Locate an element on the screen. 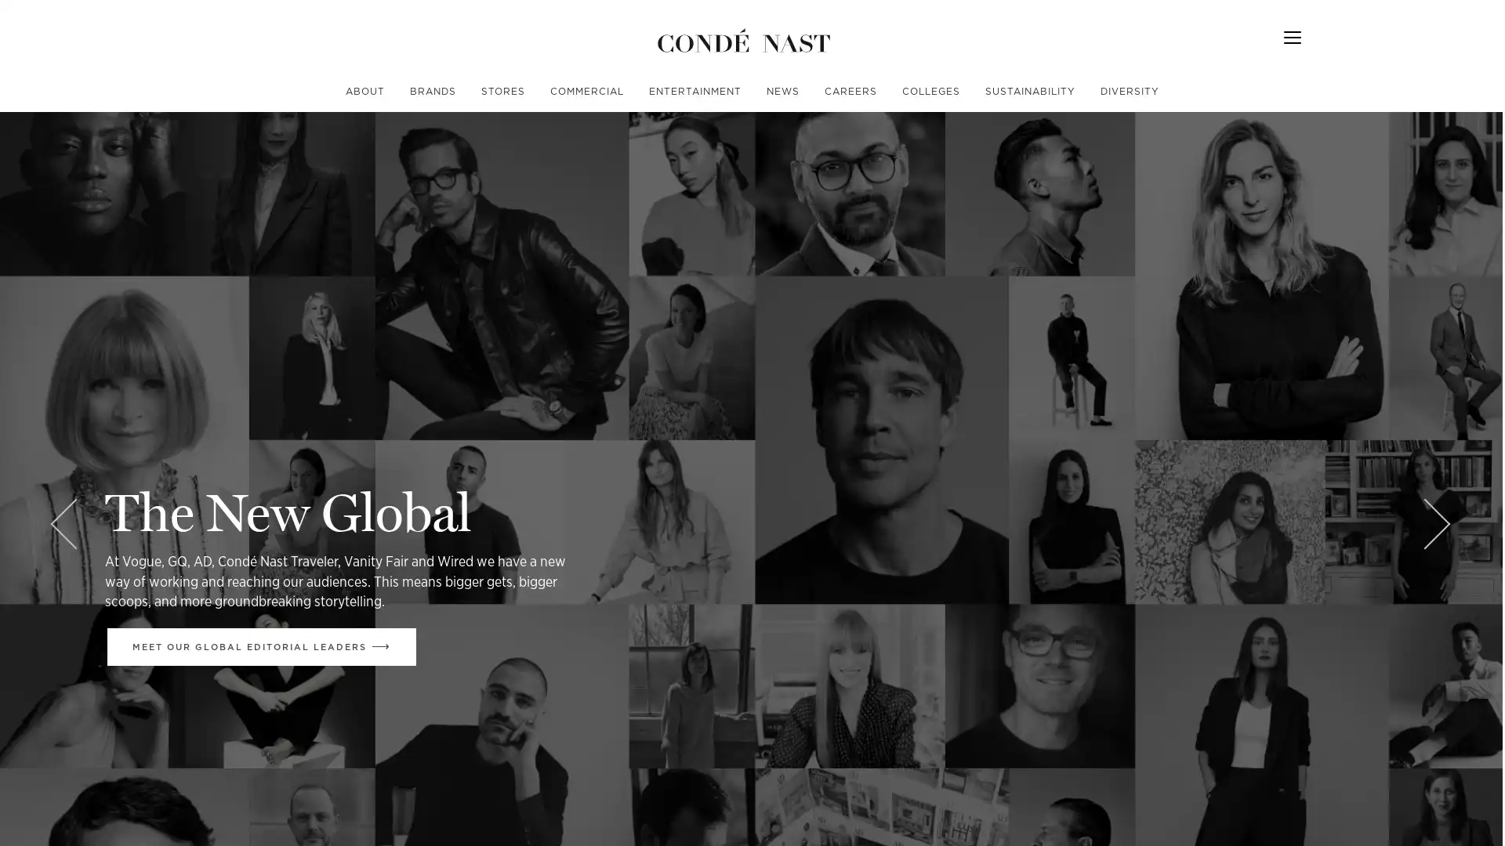 This screenshot has width=1505, height=846. Menu is located at coordinates (1293, 38).